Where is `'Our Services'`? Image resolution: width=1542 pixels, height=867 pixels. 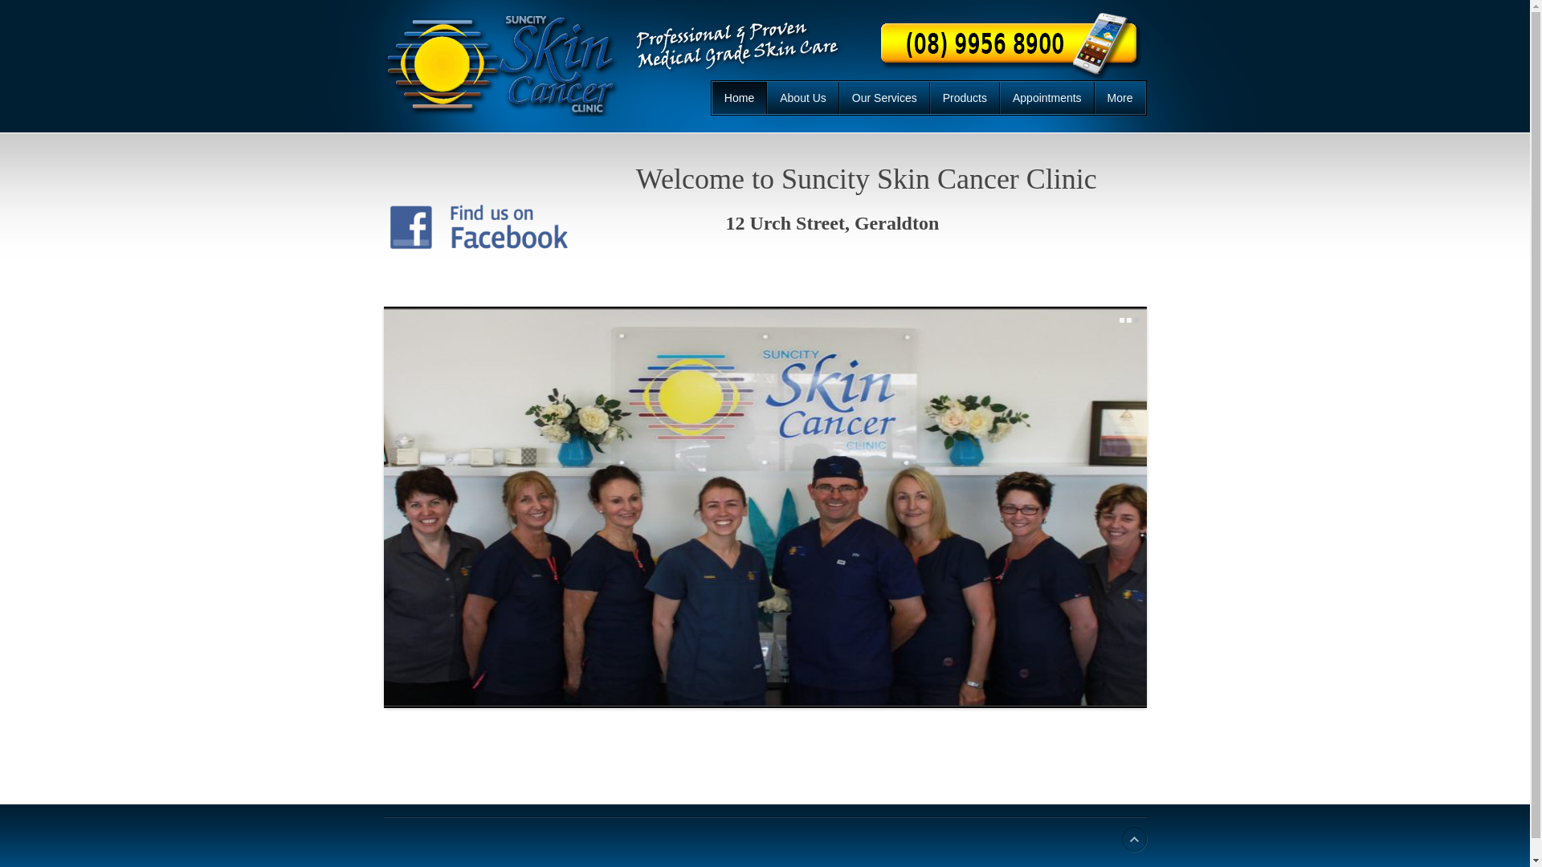
'Our Services' is located at coordinates (883, 98).